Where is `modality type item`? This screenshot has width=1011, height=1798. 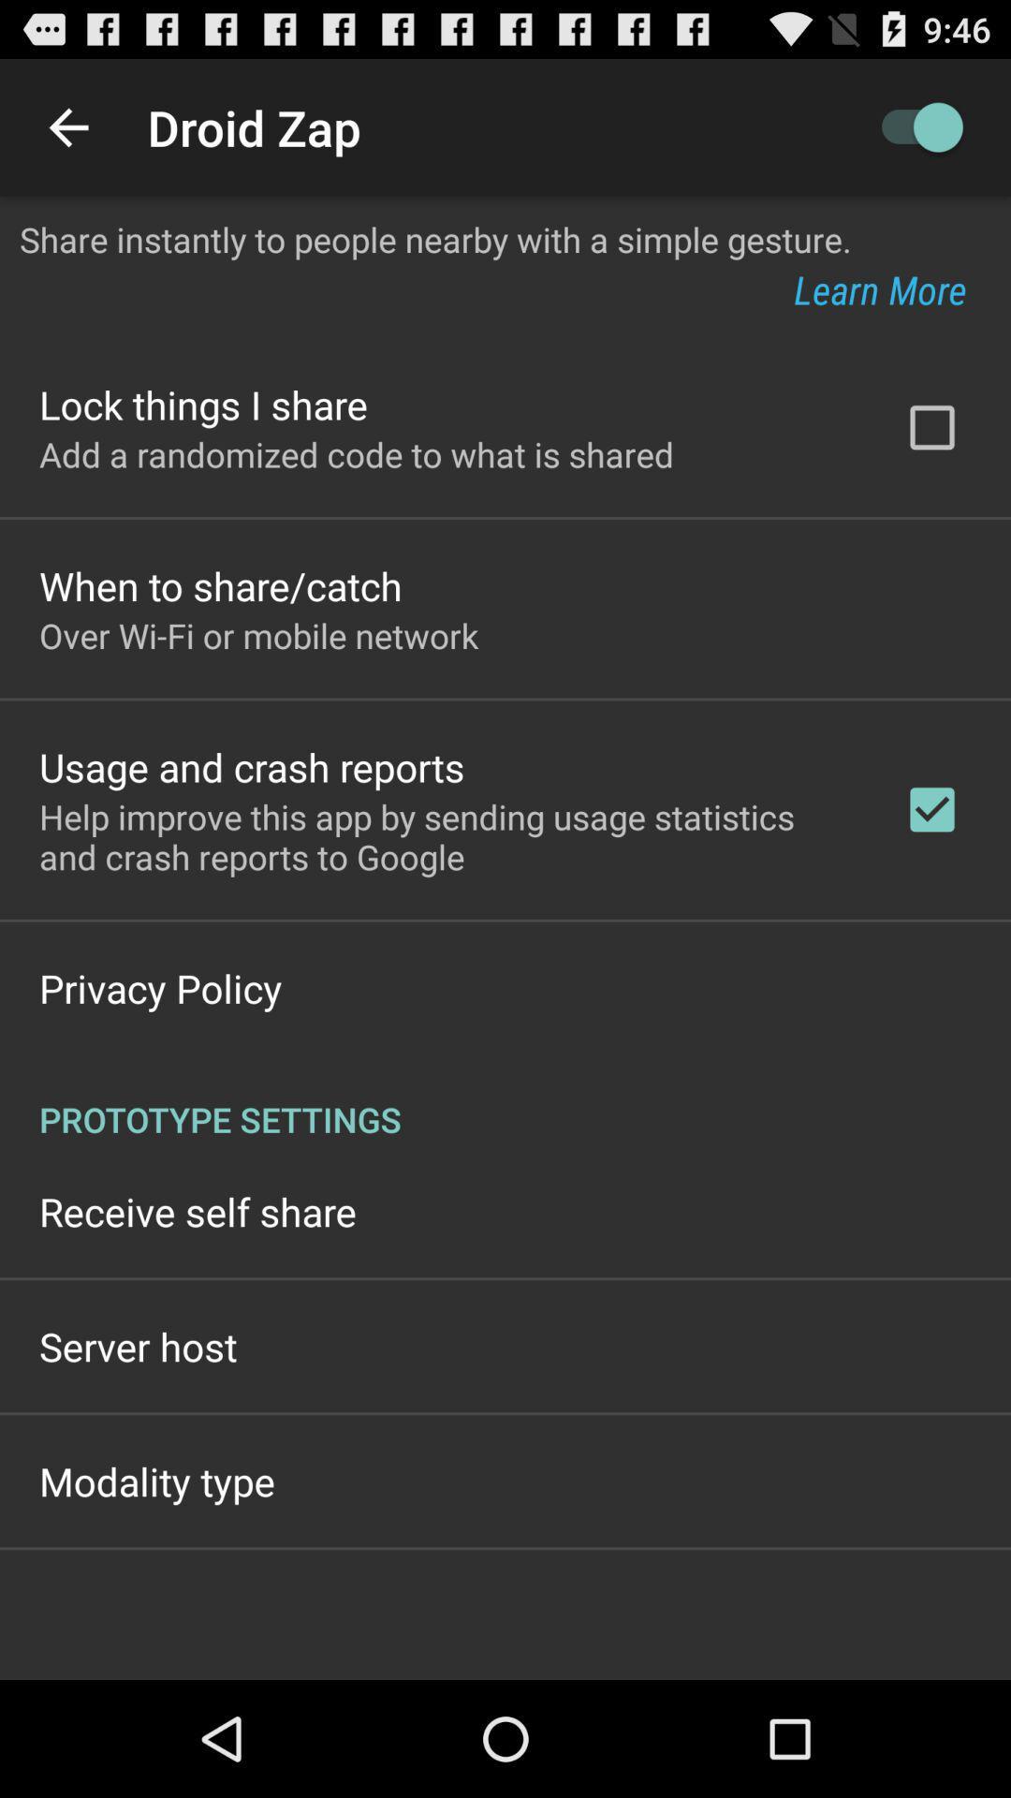 modality type item is located at coordinates (156, 1480).